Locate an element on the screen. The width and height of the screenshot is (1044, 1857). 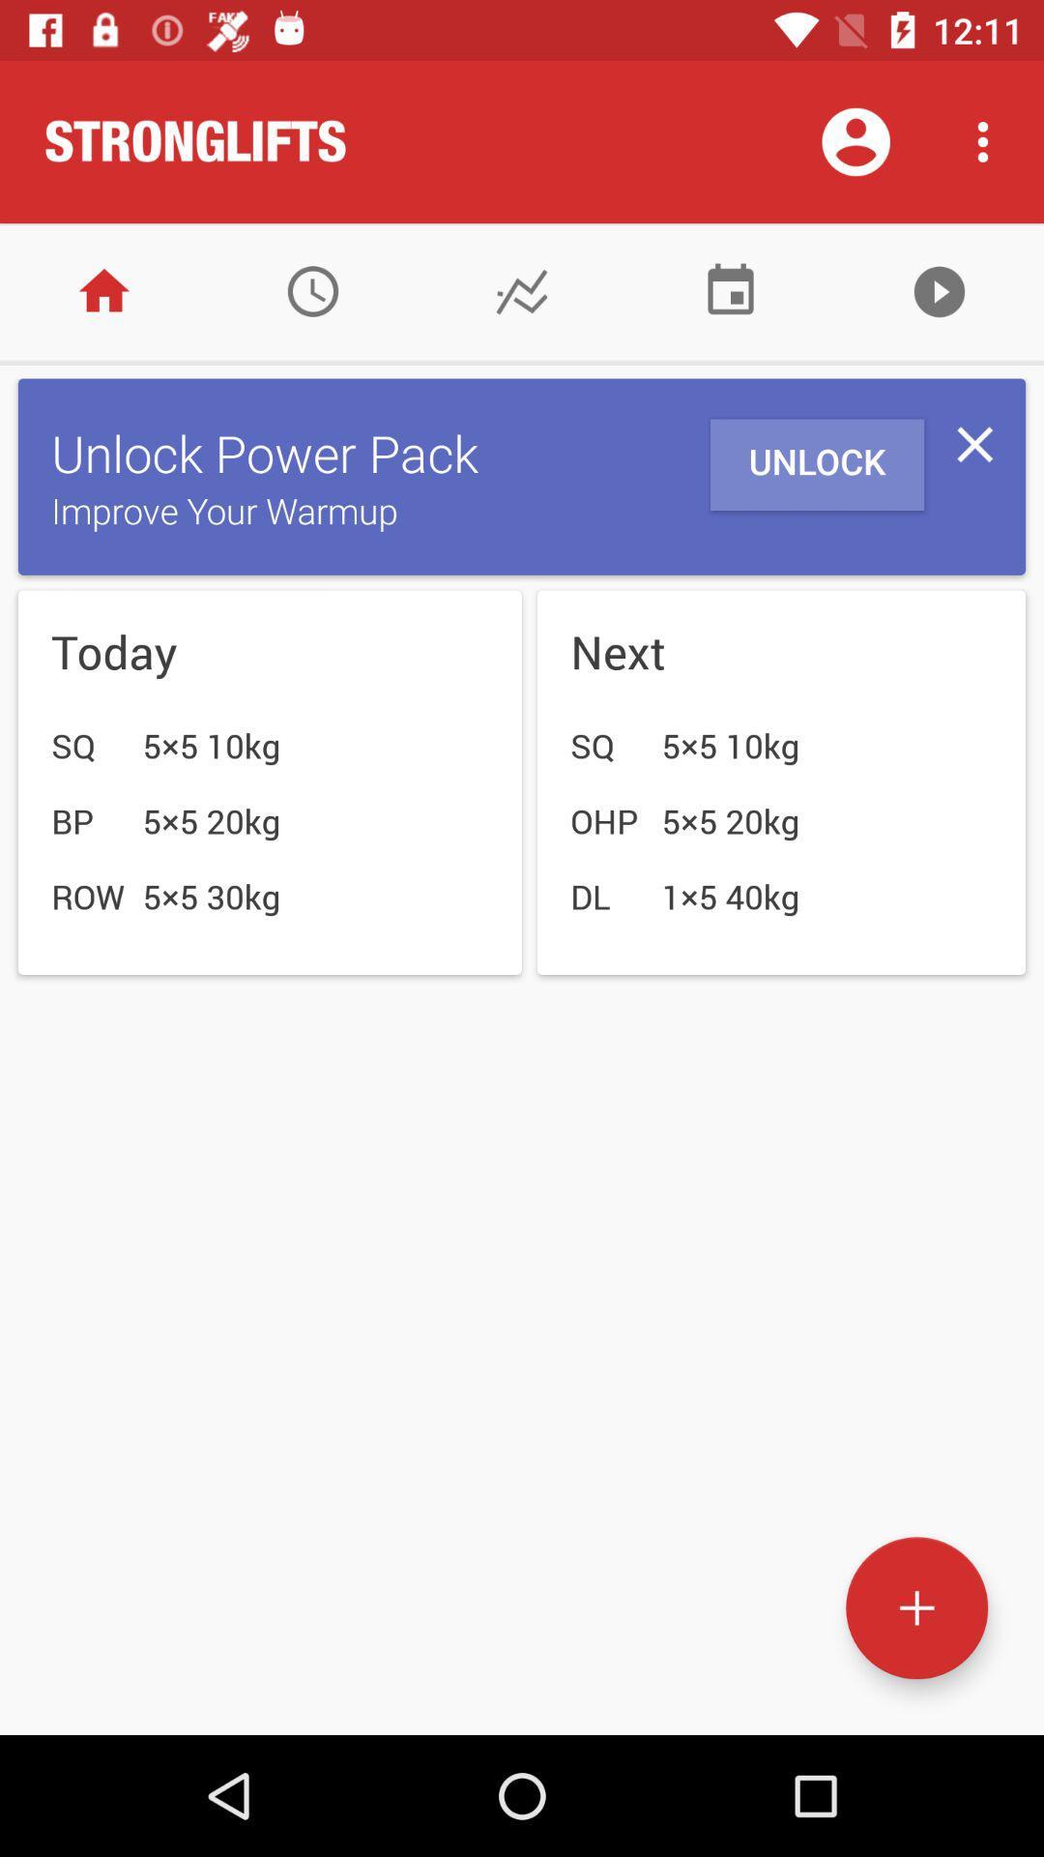
graphs is located at coordinates (522, 290).